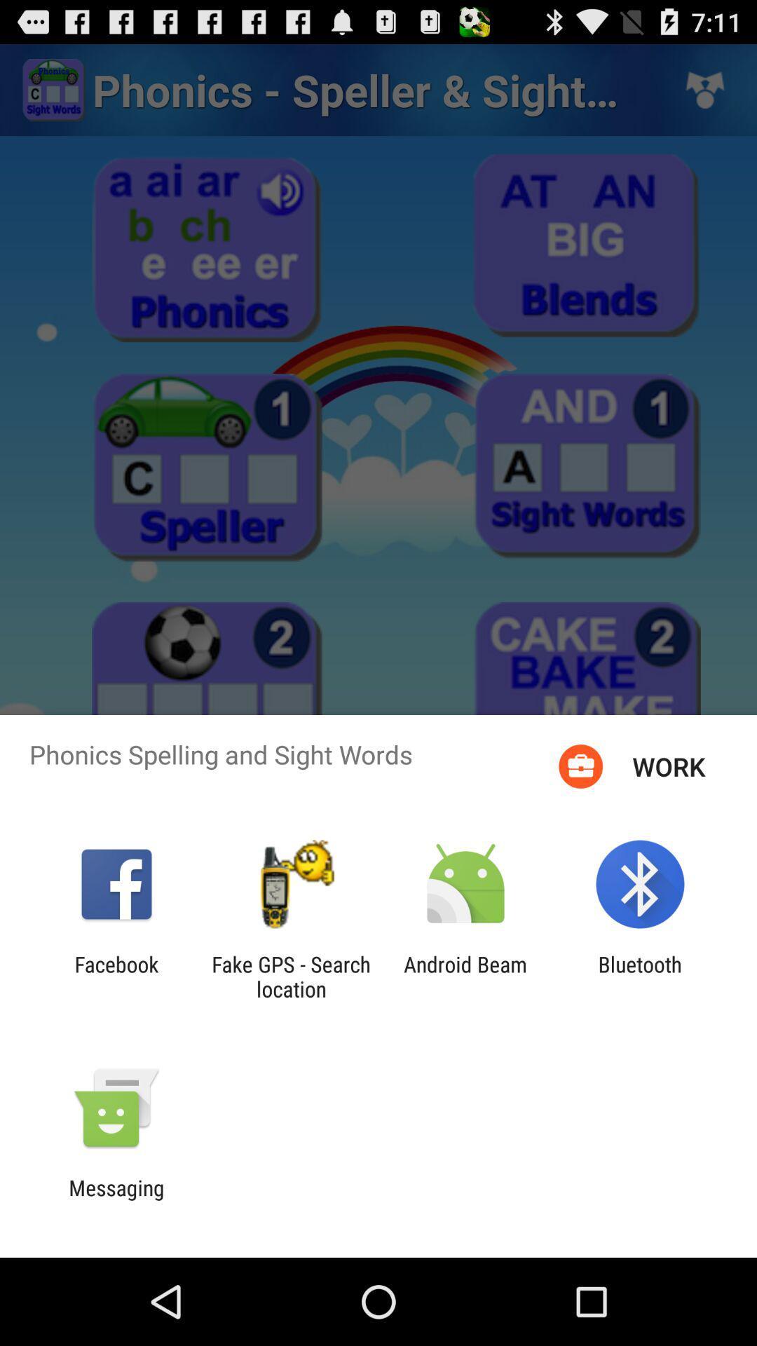 This screenshot has width=757, height=1346. Describe the element at coordinates (290, 976) in the screenshot. I see `fake gps search icon` at that location.